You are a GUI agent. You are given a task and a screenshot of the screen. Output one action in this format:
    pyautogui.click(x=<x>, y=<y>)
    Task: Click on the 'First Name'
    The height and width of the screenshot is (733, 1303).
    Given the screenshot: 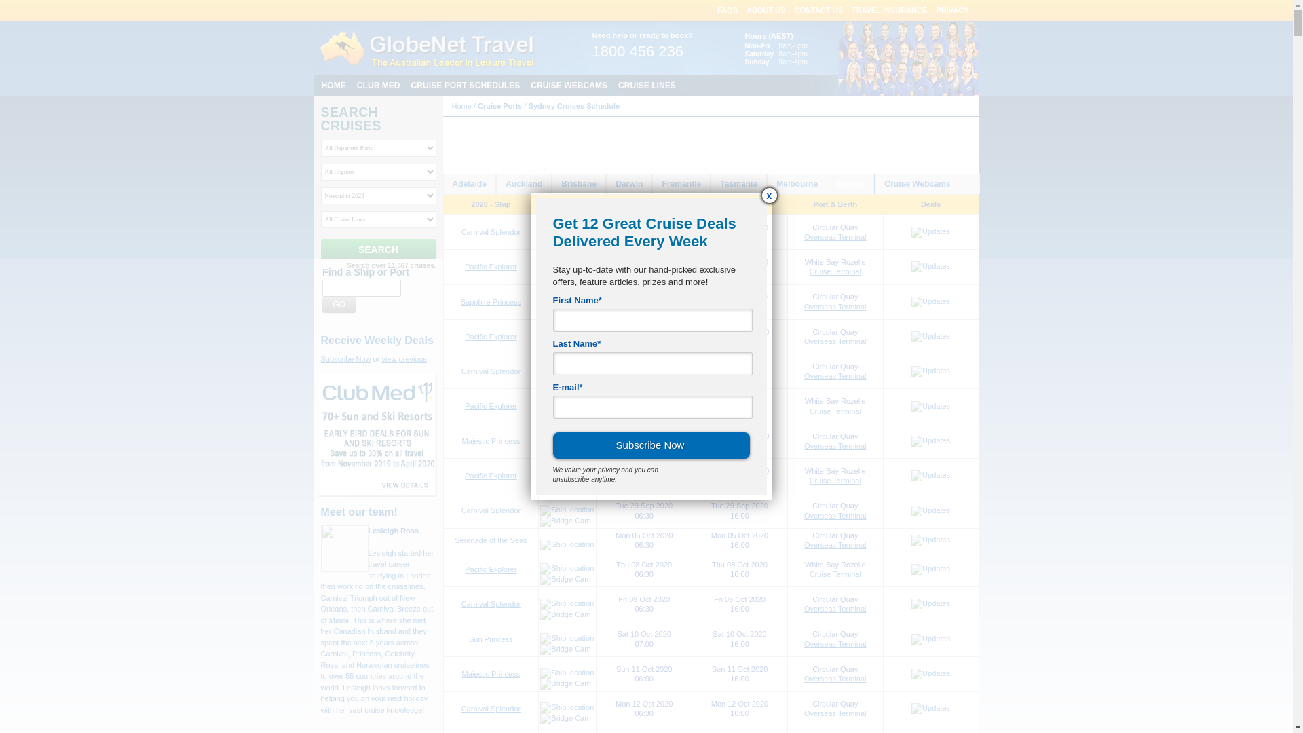 What is the action you would take?
    pyautogui.click(x=651, y=320)
    